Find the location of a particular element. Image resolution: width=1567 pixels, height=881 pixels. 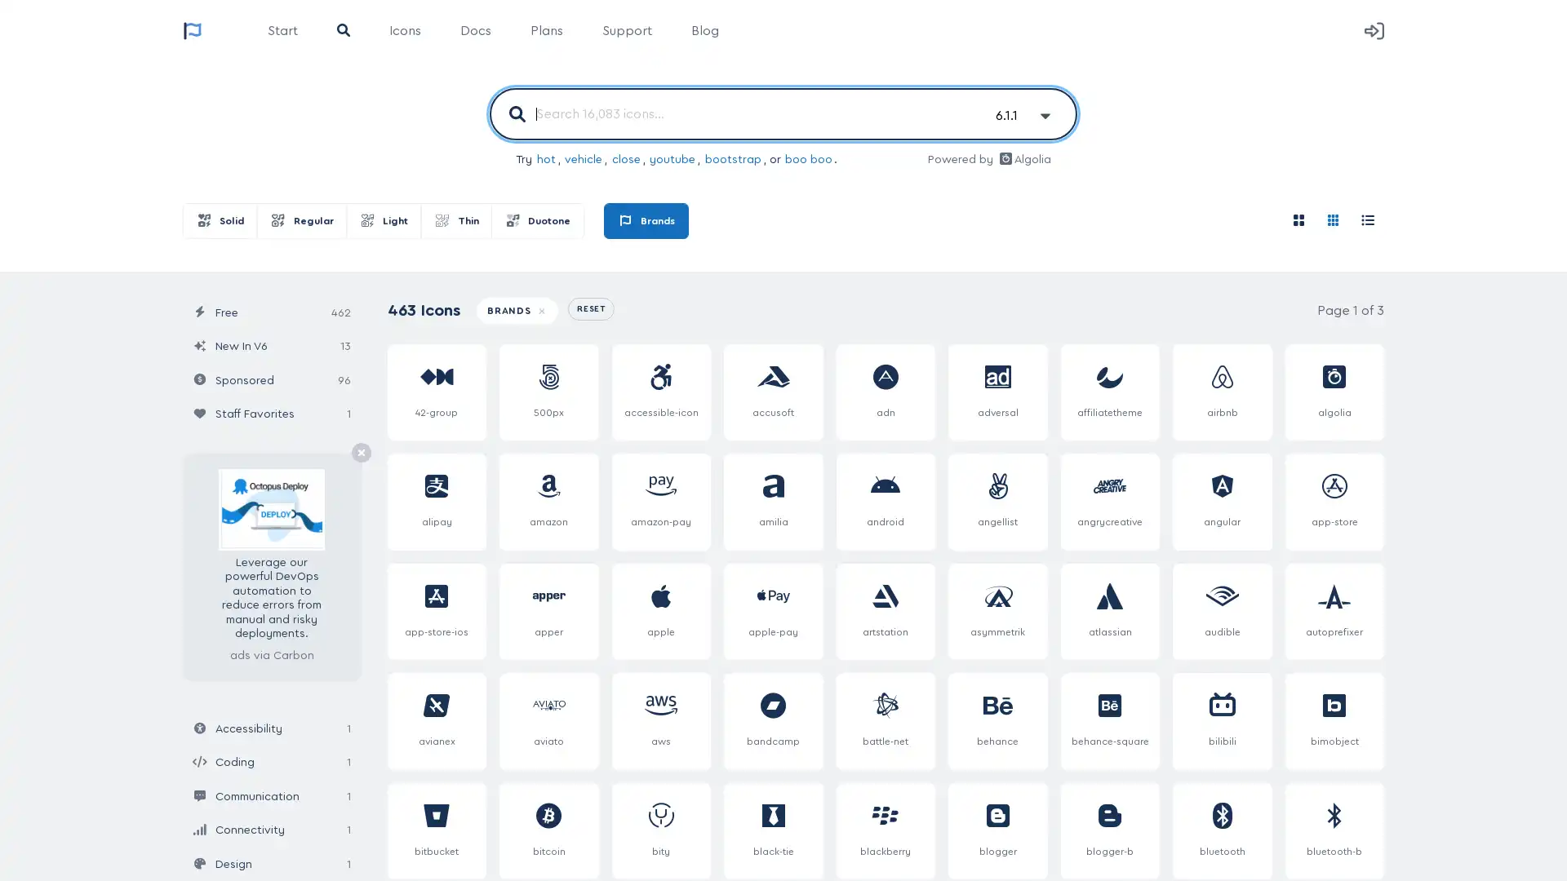

autoprefixer is located at coordinates (1334, 622).